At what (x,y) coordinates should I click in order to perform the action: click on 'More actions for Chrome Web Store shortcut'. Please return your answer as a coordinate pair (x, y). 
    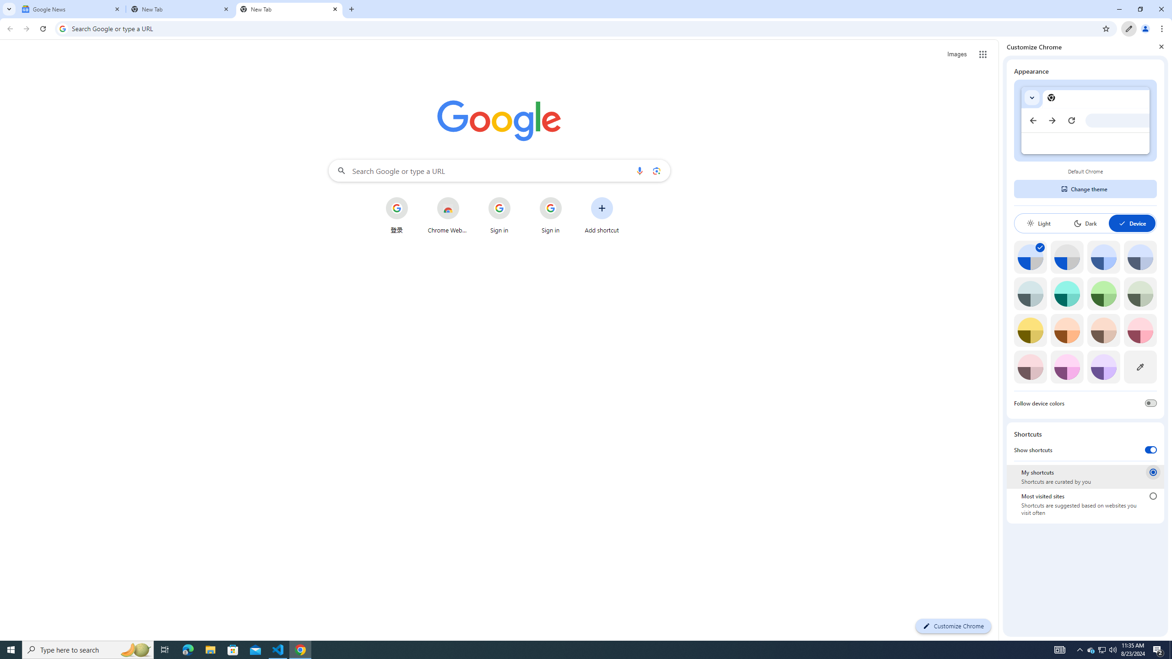
    Looking at the image, I should click on (466, 198).